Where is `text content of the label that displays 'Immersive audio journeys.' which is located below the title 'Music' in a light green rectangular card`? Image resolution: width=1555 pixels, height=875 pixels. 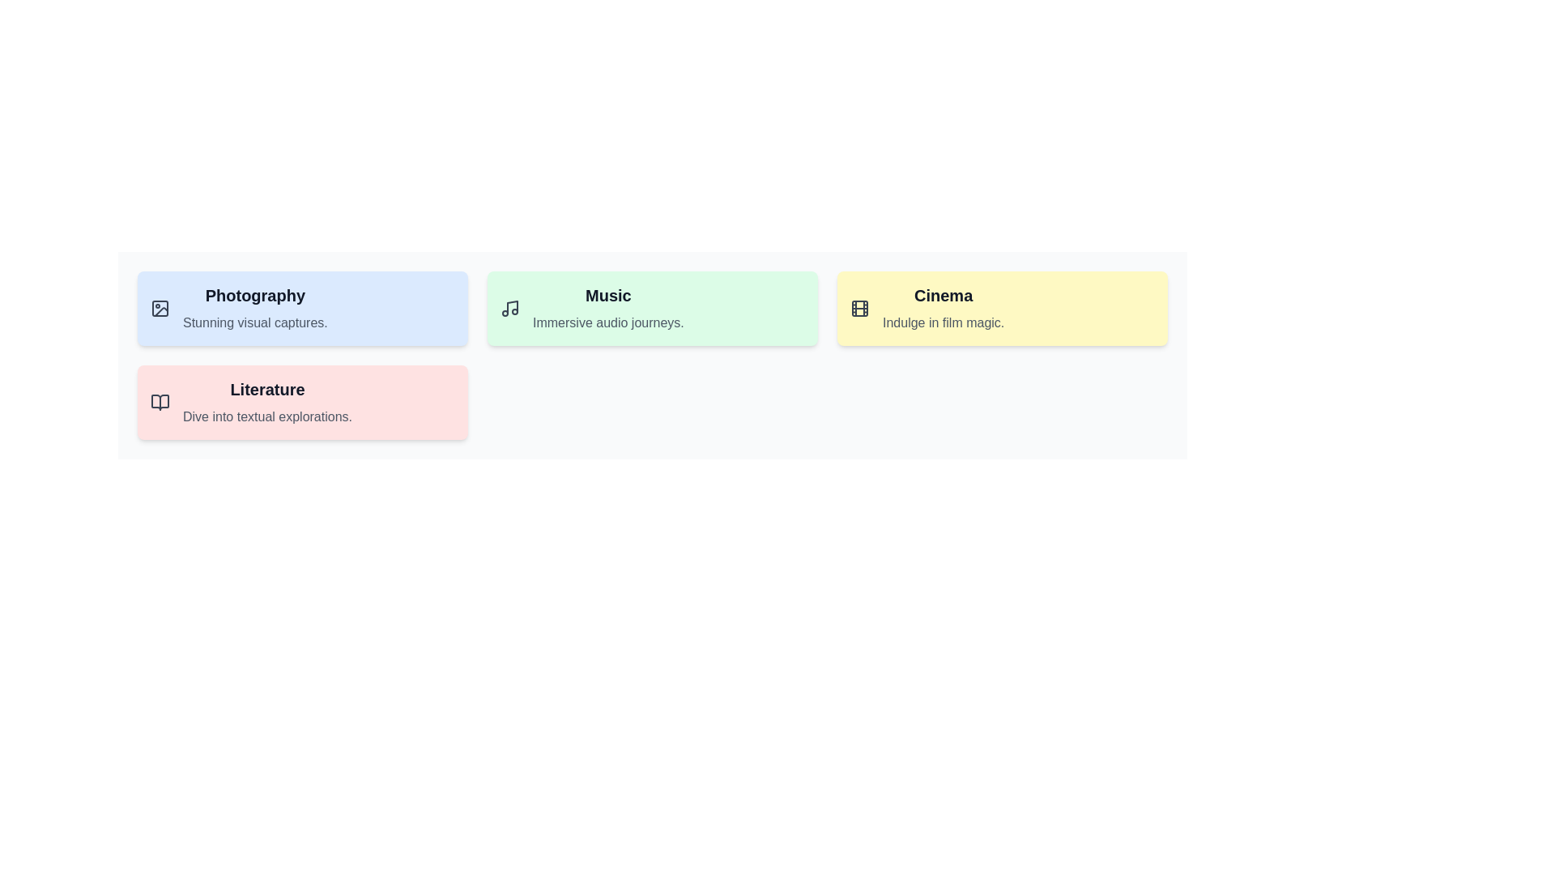 text content of the label that displays 'Immersive audio journeys.' which is located below the title 'Music' in a light green rectangular card is located at coordinates (607, 322).